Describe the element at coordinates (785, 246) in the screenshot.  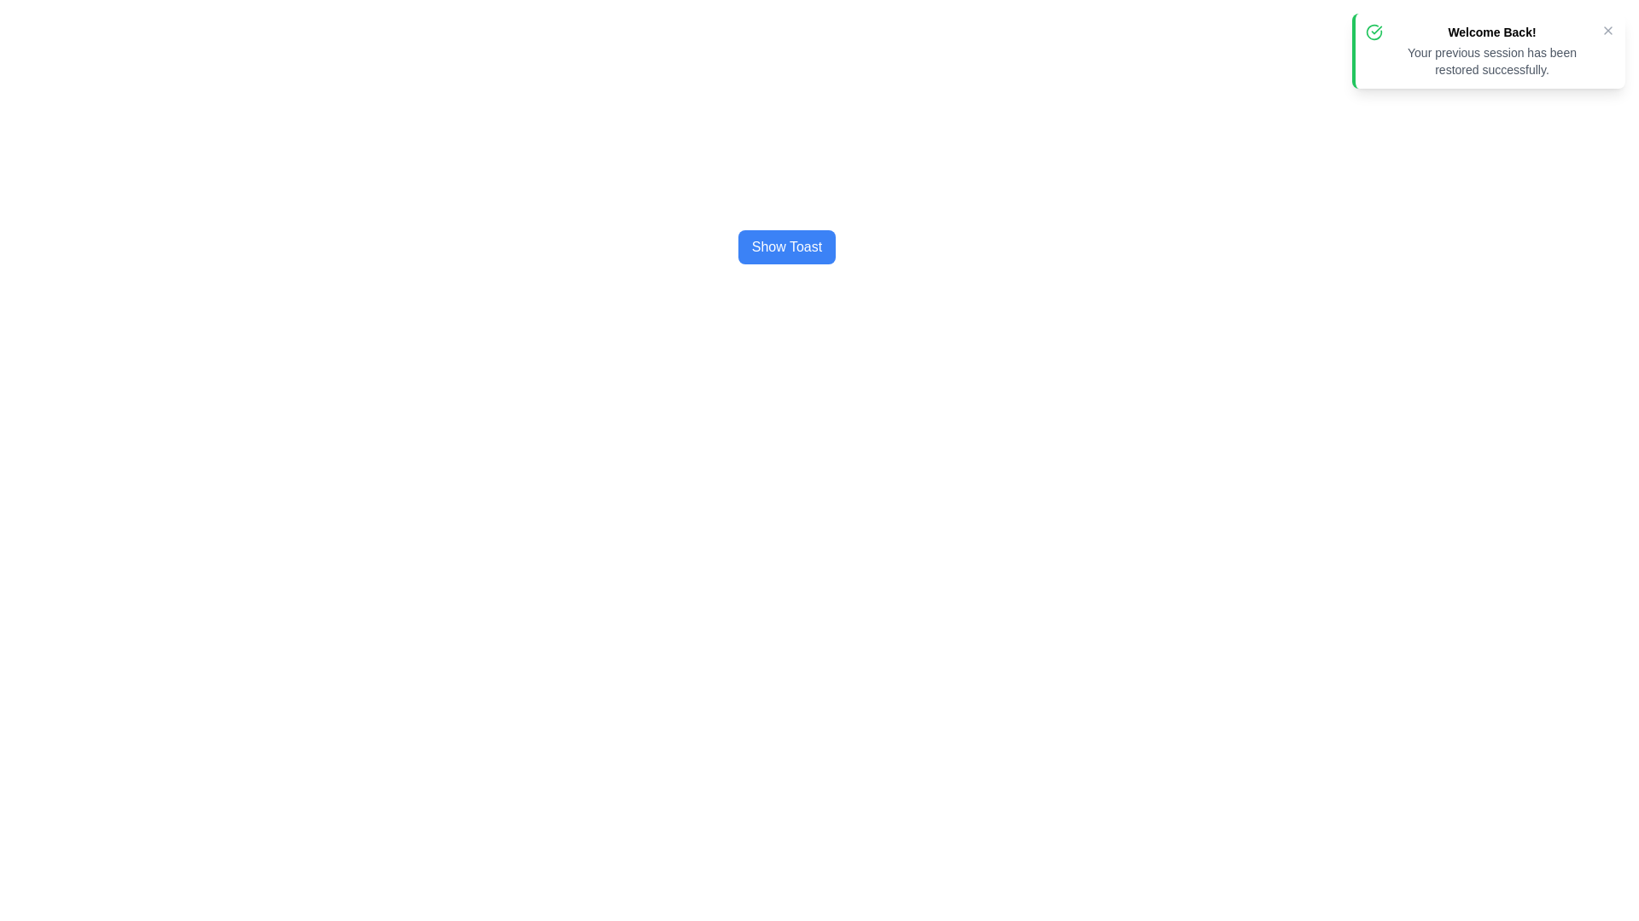
I see `the button that triggers the display of a toast notification` at that location.